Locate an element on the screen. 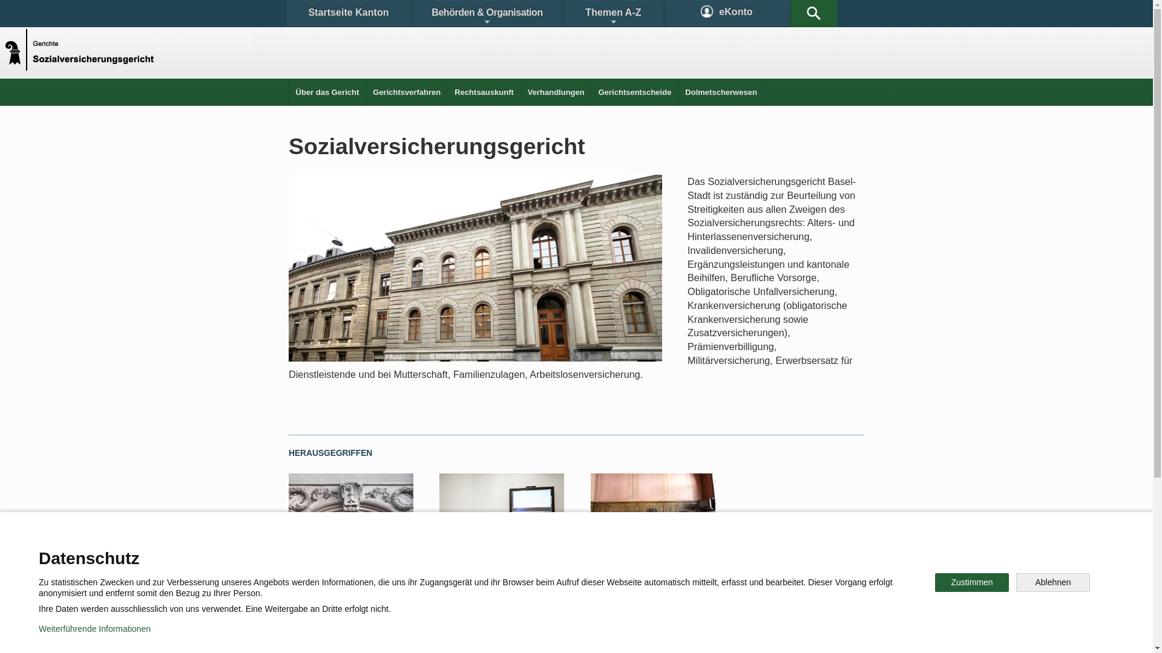 The height and width of the screenshot is (653, 1162). 'Themen A-Z' is located at coordinates (612, 13).